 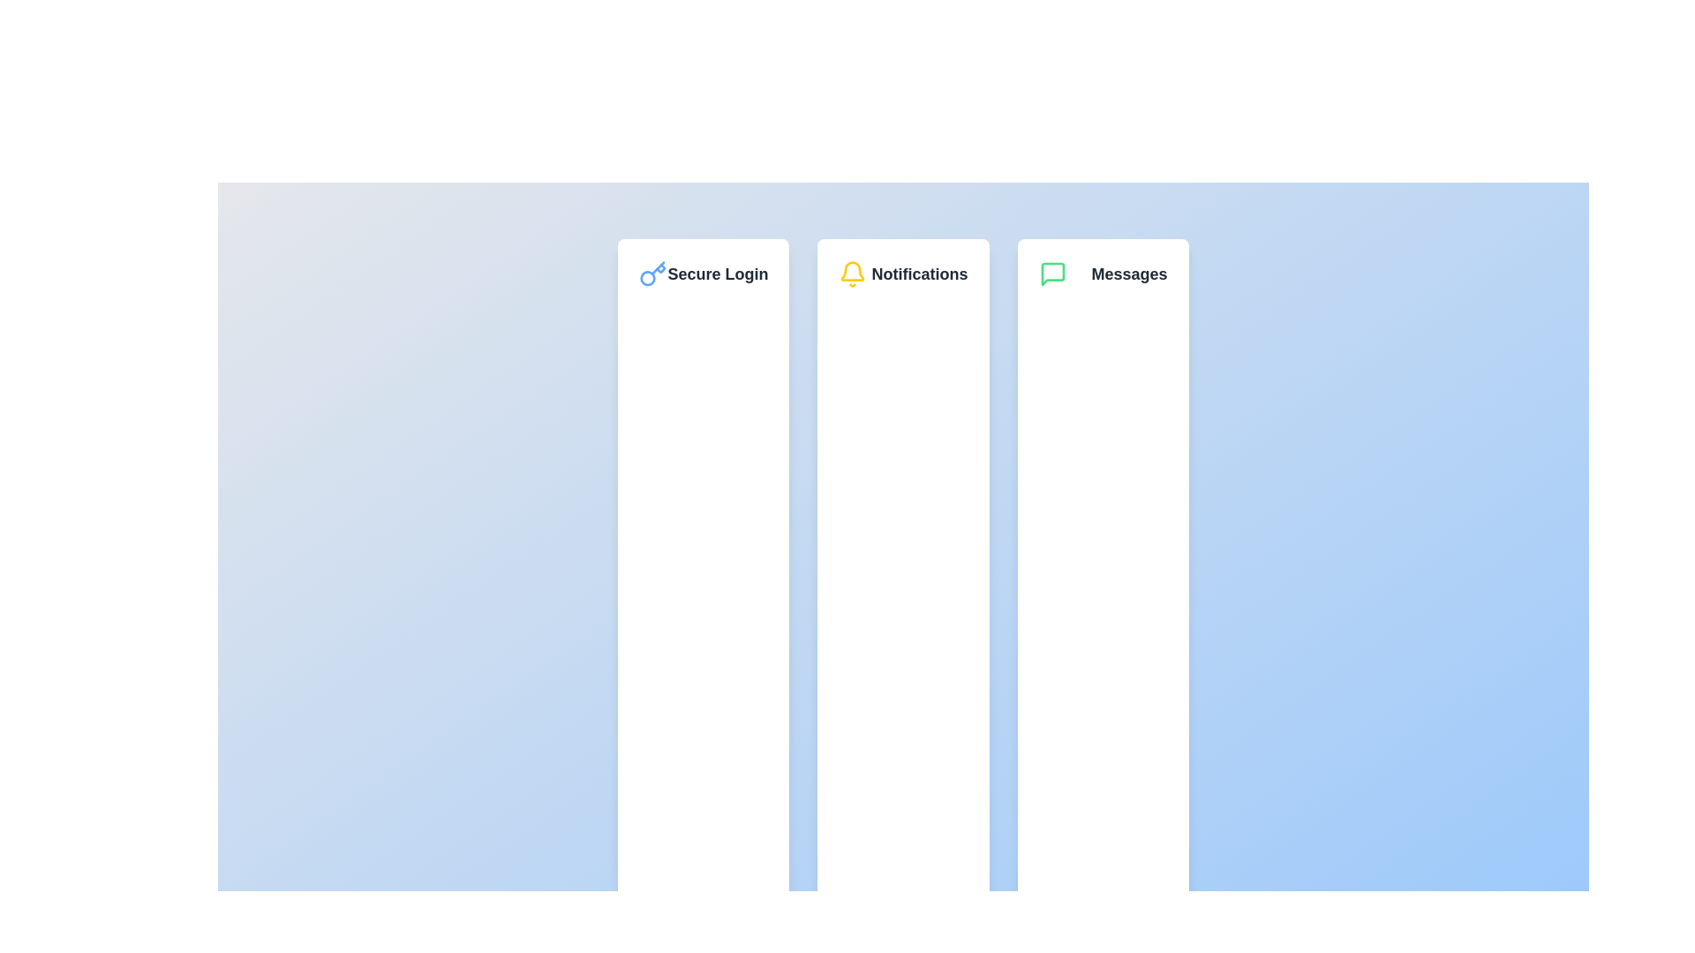 I want to click on the text label that serves as the heading for the notifications section, located at the center of the middle section in a three-column layout, directly below a bell icon, so click(x=918, y=274).